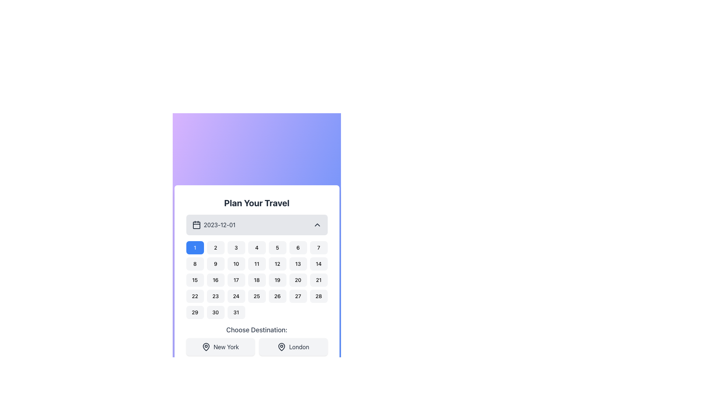 This screenshot has height=397, width=707. I want to click on the rounded button labeled '30' in the calendar interface, so click(215, 312).